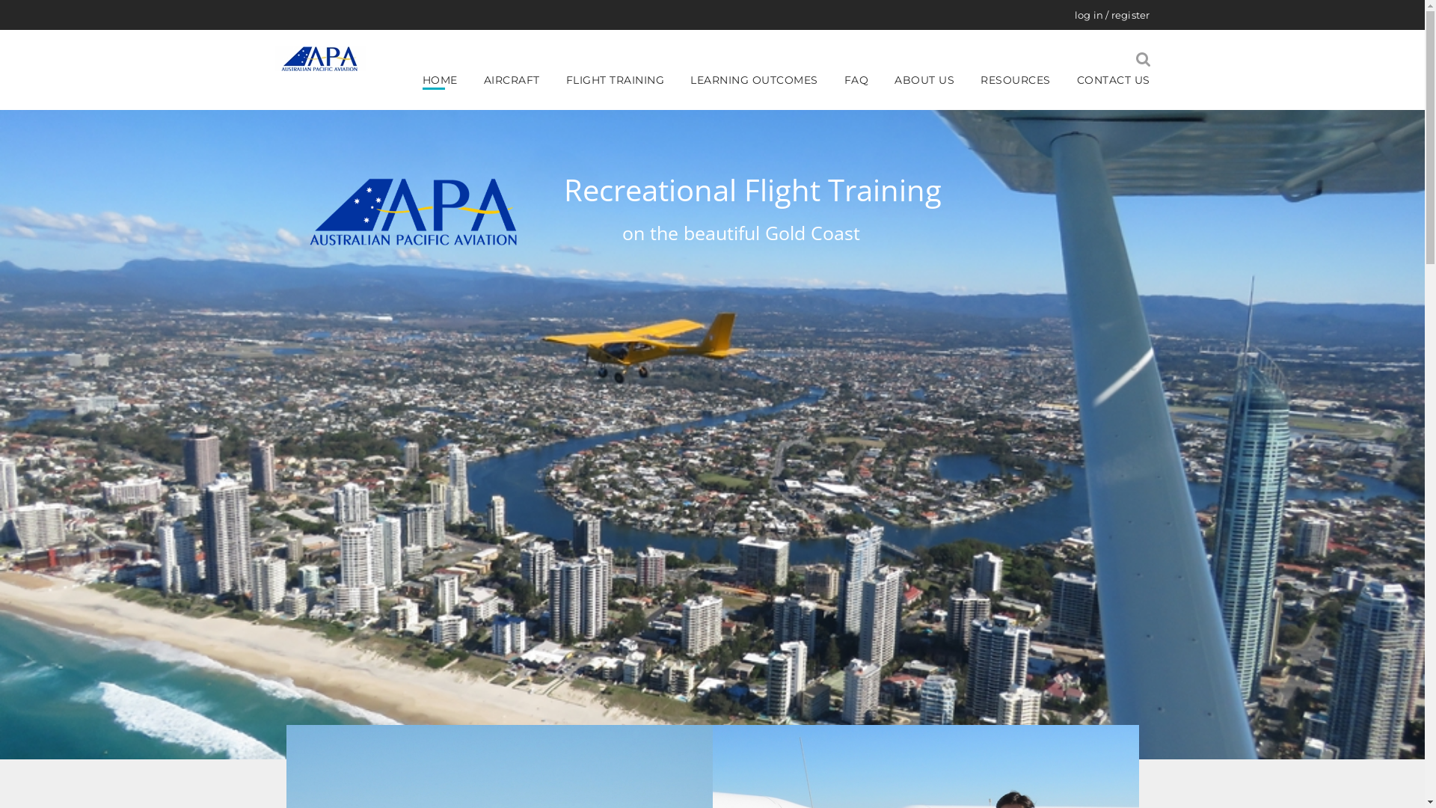 This screenshot has height=808, width=1436. What do you see at coordinates (764, 80) in the screenshot?
I see `'LEARNING OUTCOMES'` at bounding box center [764, 80].